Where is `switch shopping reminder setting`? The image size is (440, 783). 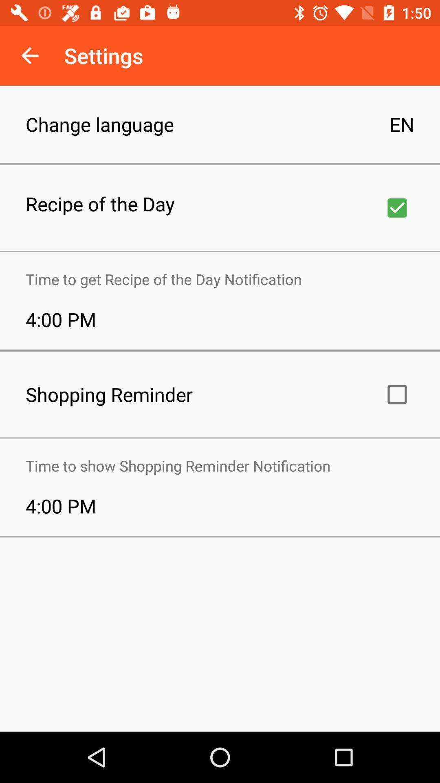 switch shopping reminder setting is located at coordinates (397, 394).